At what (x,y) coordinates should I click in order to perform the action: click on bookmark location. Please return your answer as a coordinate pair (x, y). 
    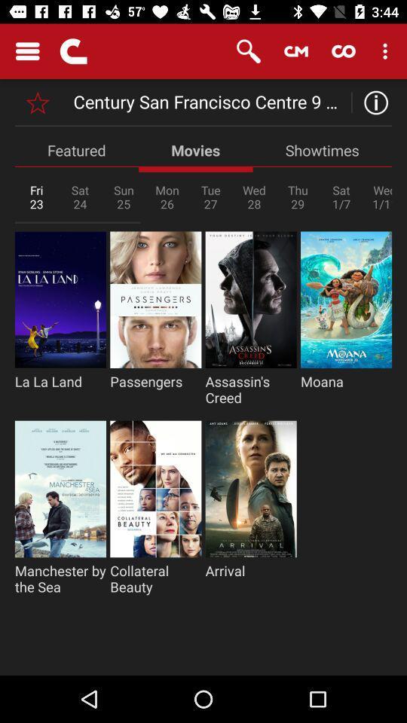
    Looking at the image, I should click on (38, 102).